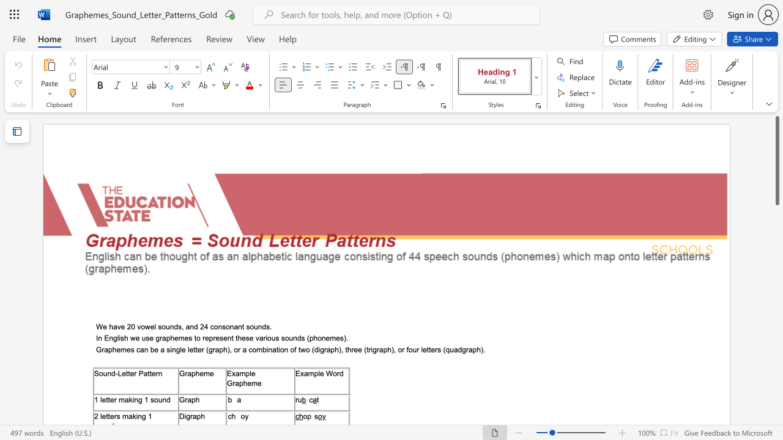 The image size is (783, 440). Describe the element at coordinates (776, 365) in the screenshot. I see `the scrollbar to move the page downward` at that location.